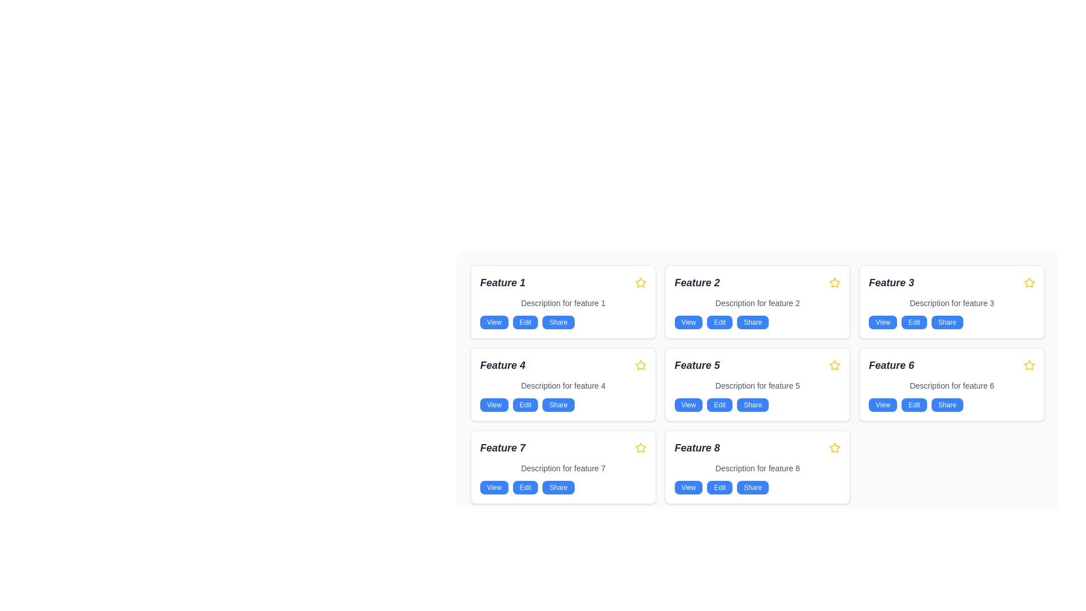 This screenshot has height=611, width=1086. Describe the element at coordinates (494, 487) in the screenshot. I see `the 'View' button located at the bottom of the 'Feature 7' section` at that location.